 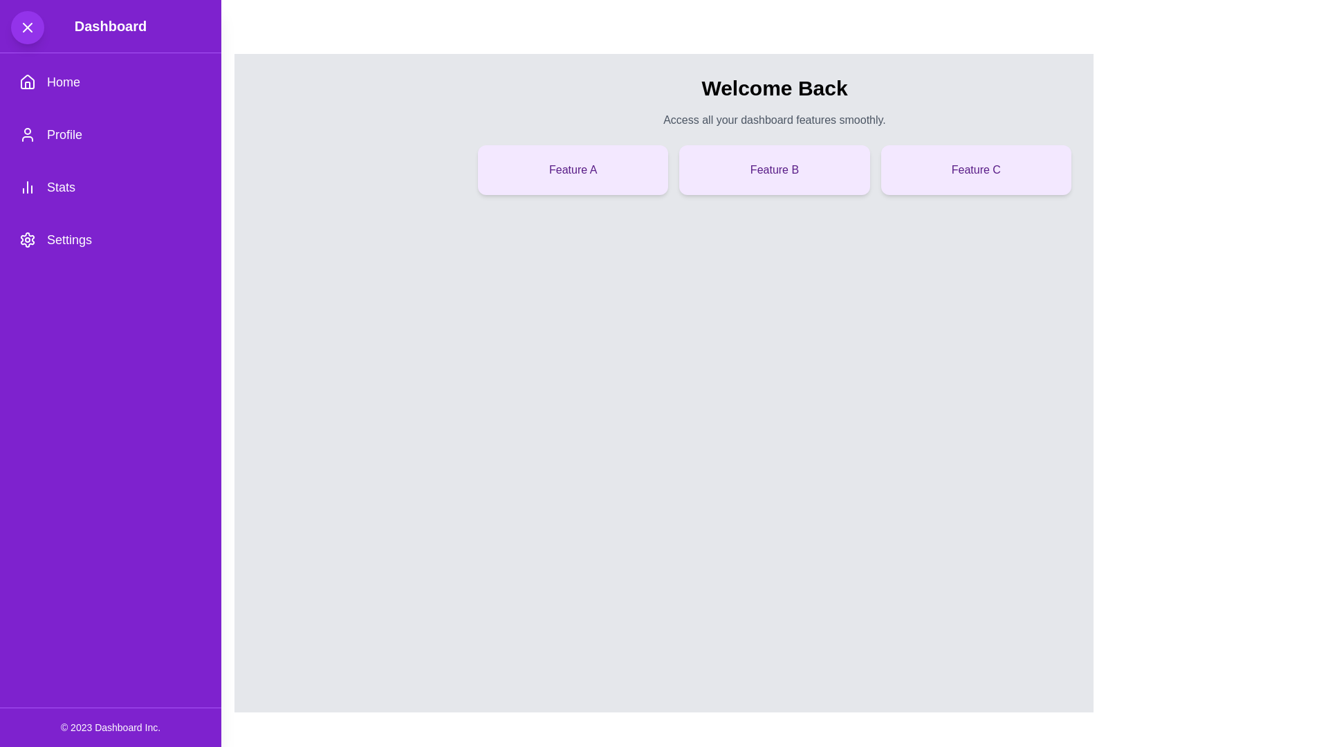 I want to click on the small white text displaying '© 2023 Dashboard Inc.' located in the footer section of the purple background, so click(x=109, y=727).